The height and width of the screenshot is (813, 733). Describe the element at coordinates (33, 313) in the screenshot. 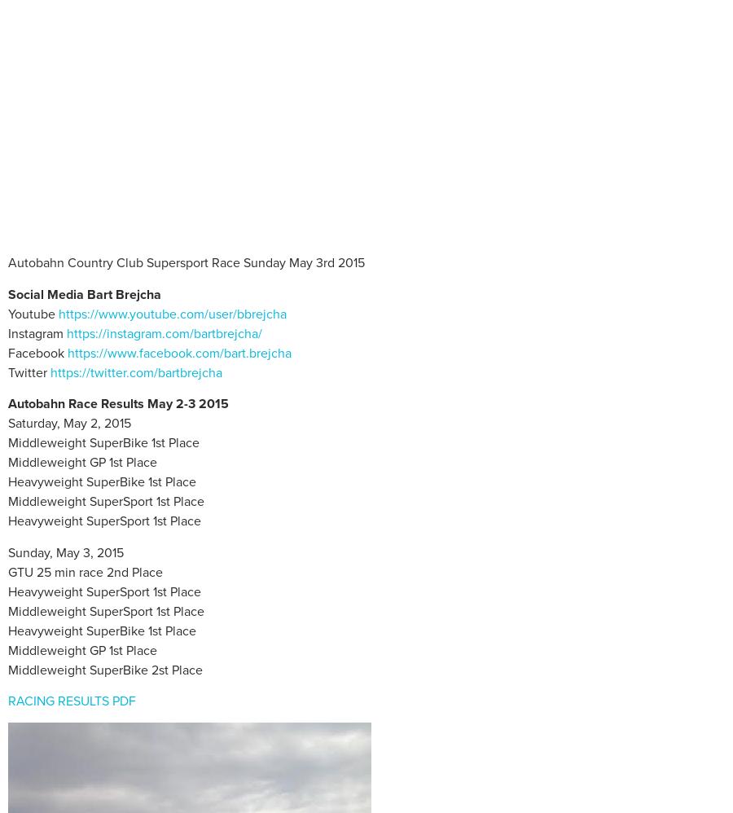

I see `'Youtube'` at that location.